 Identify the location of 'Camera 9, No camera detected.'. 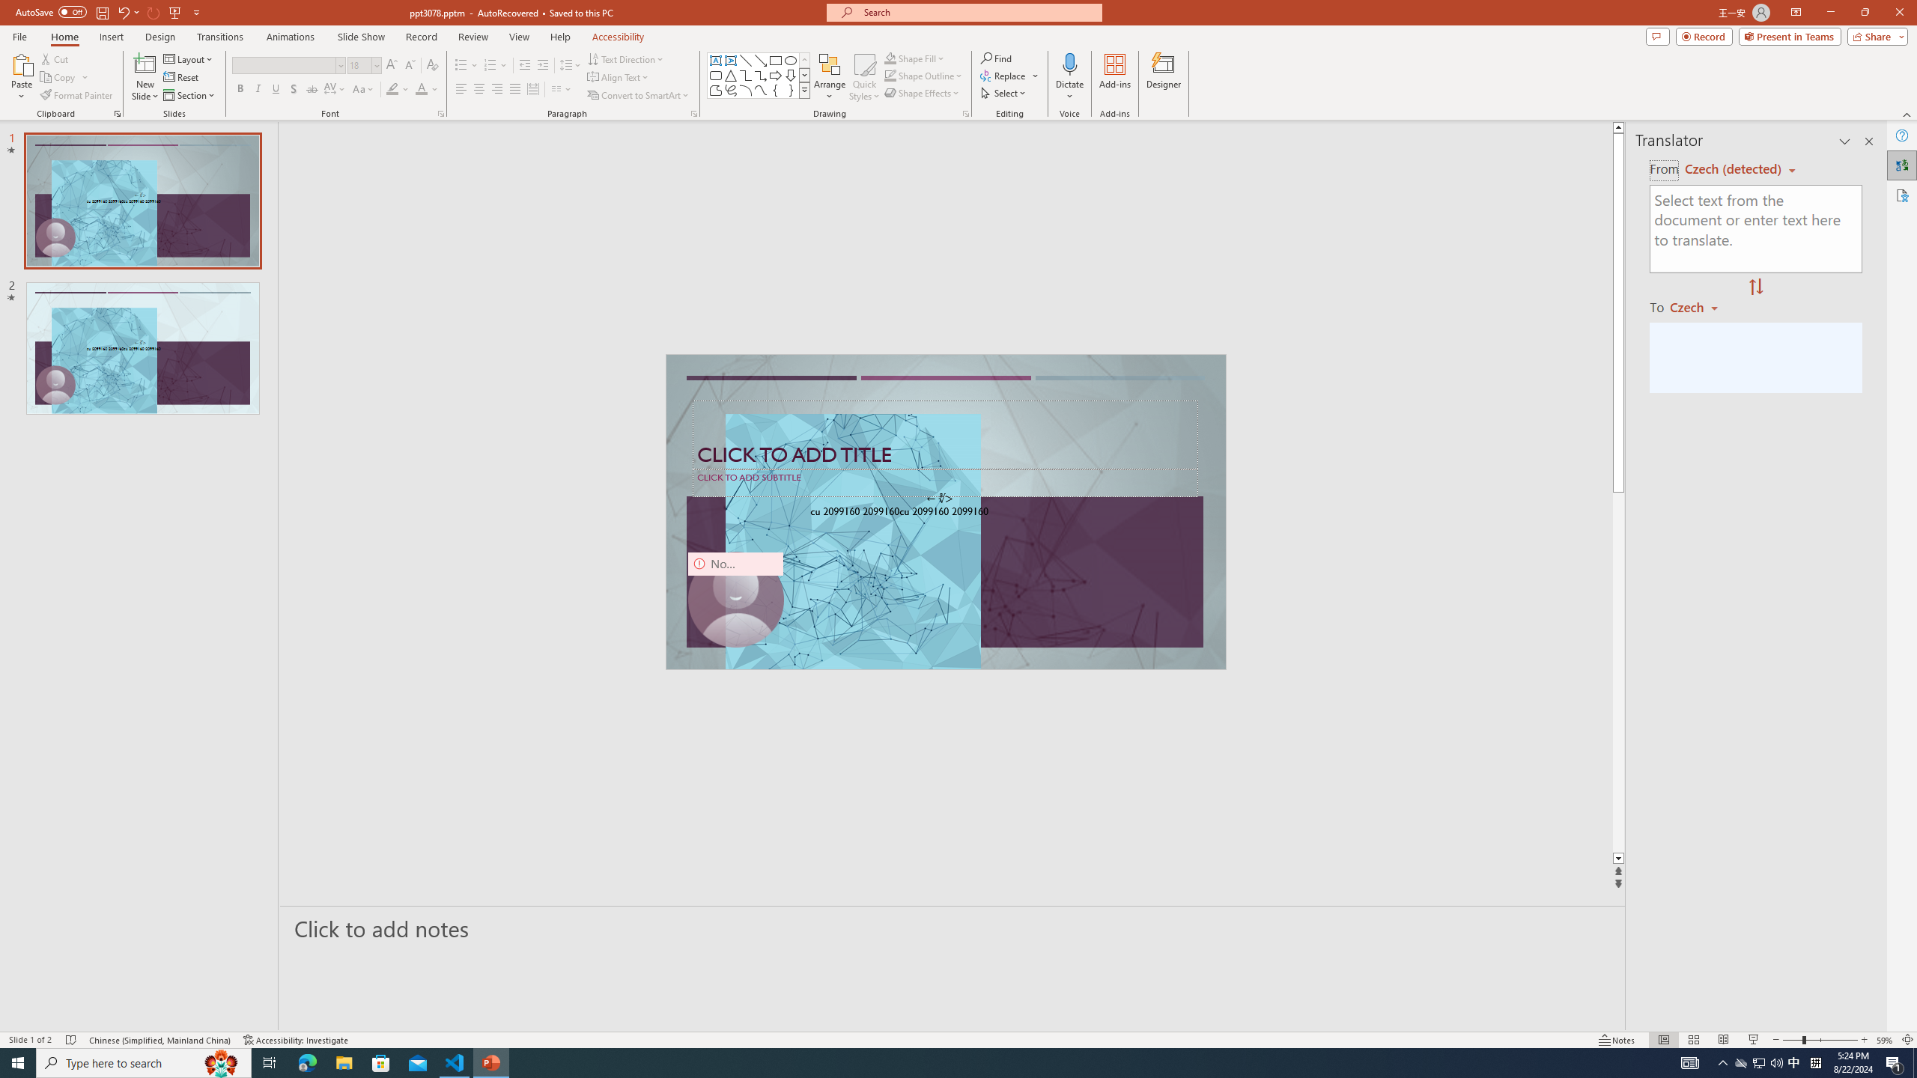
(735, 599).